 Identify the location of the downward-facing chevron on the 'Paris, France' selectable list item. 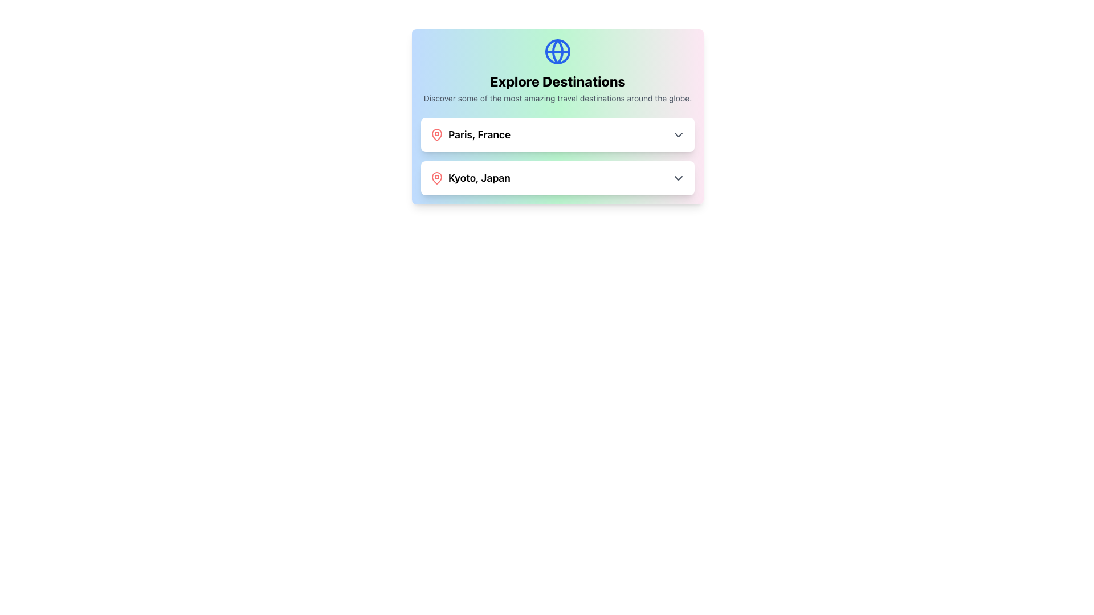
(558, 134).